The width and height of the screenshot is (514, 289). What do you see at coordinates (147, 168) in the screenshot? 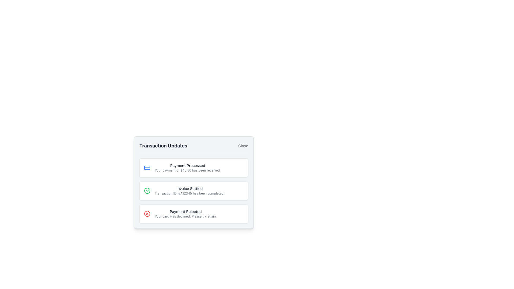
I see `the credit card payment icon located to the left of the 'Payment Processed' text in the 'Transaction Updates' panel` at bounding box center [147, 168].